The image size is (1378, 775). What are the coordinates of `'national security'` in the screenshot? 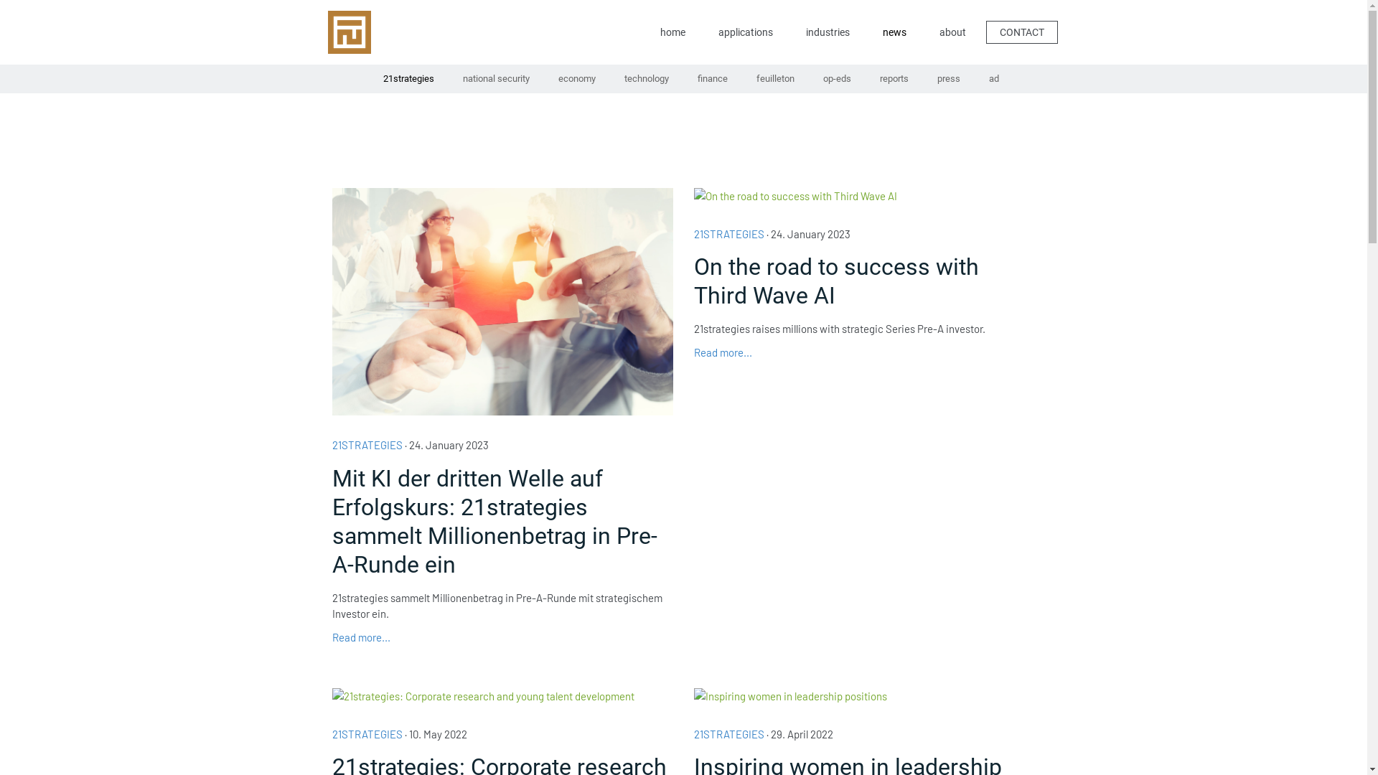 It's located at (495, 79).